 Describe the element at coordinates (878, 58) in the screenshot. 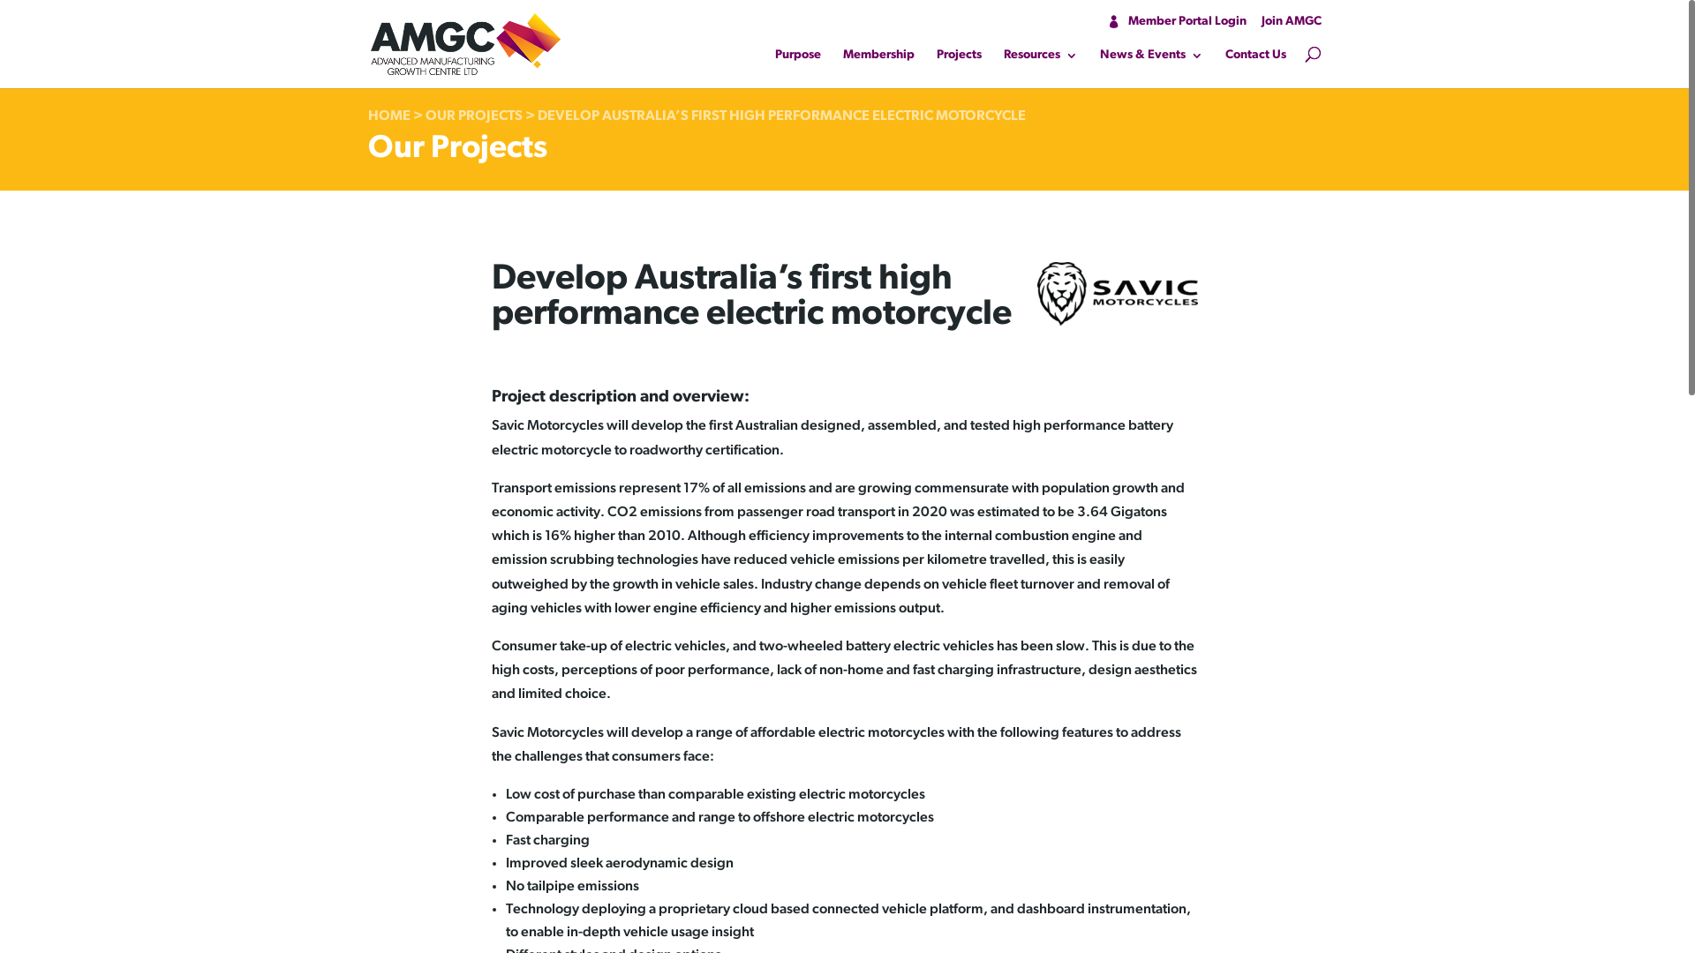

I see `'Membership'` at that location.